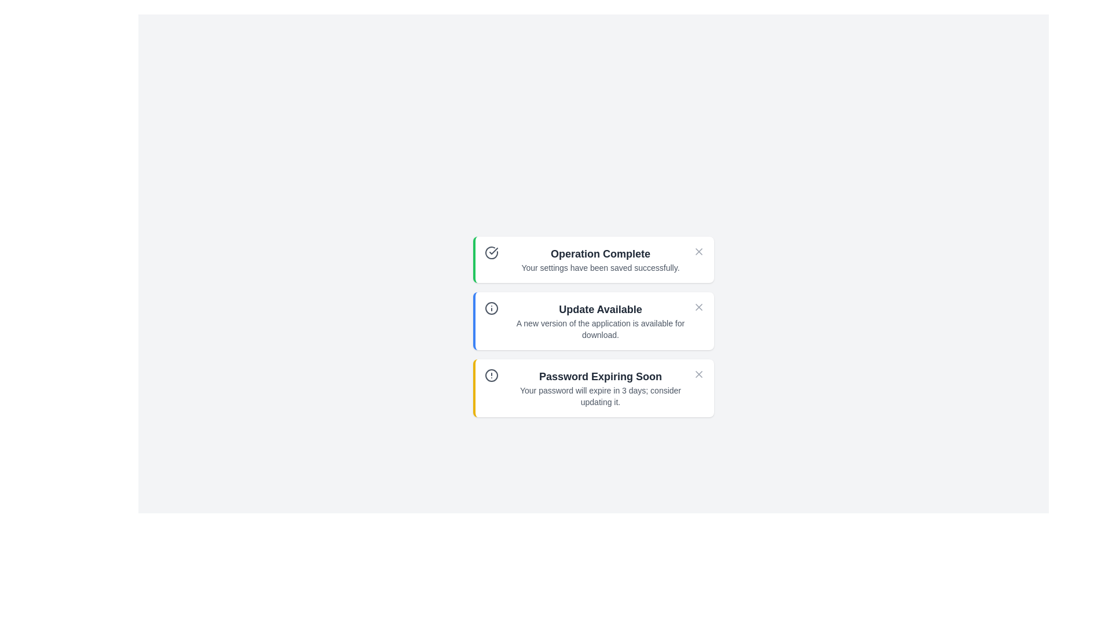  Describe the element at coordinates (698, 307) in the screenshot. I see `the close button located in the top-right corner of the notification card that reads 'Update Available: A new version of the application is available for download.'` at that location.